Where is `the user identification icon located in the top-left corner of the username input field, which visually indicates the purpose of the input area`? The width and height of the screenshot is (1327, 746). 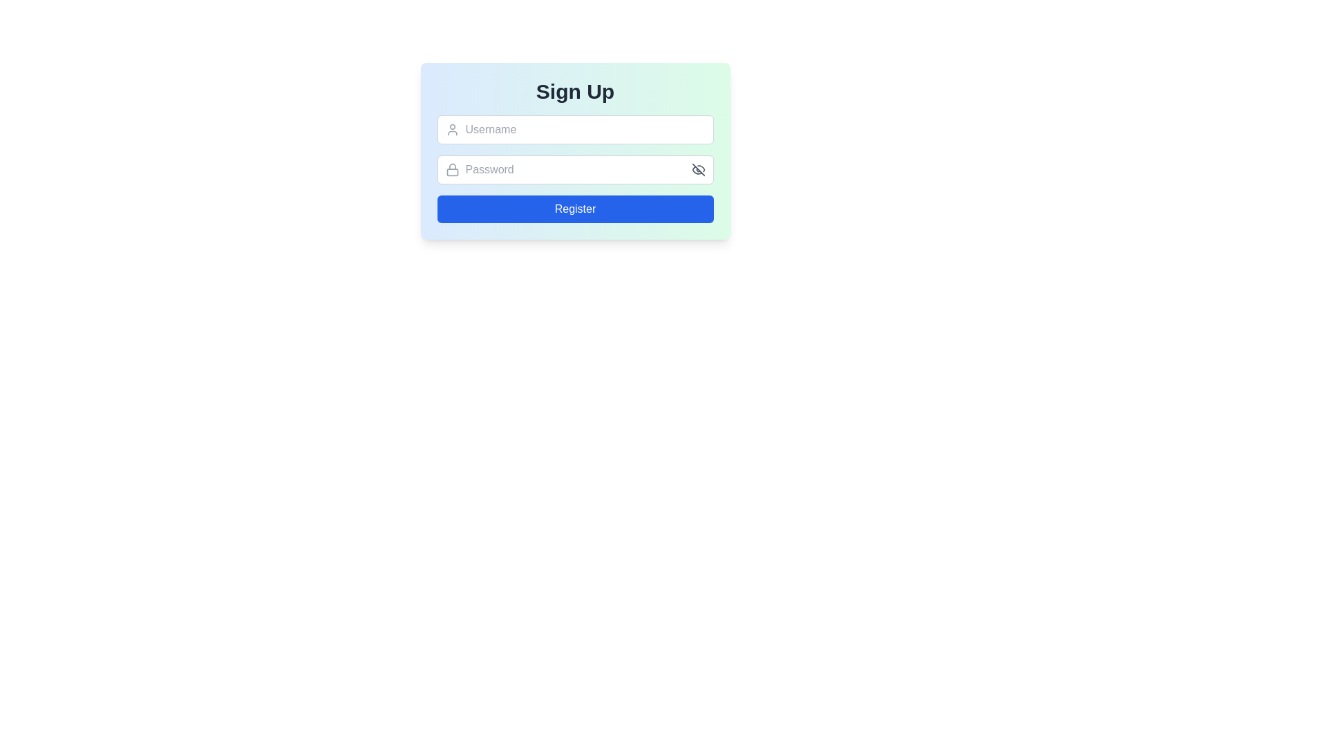
the user identification icon located in the top-left corner of the username input field, which visually indicates the purpose of the input area is located at coordinates (452, 130).